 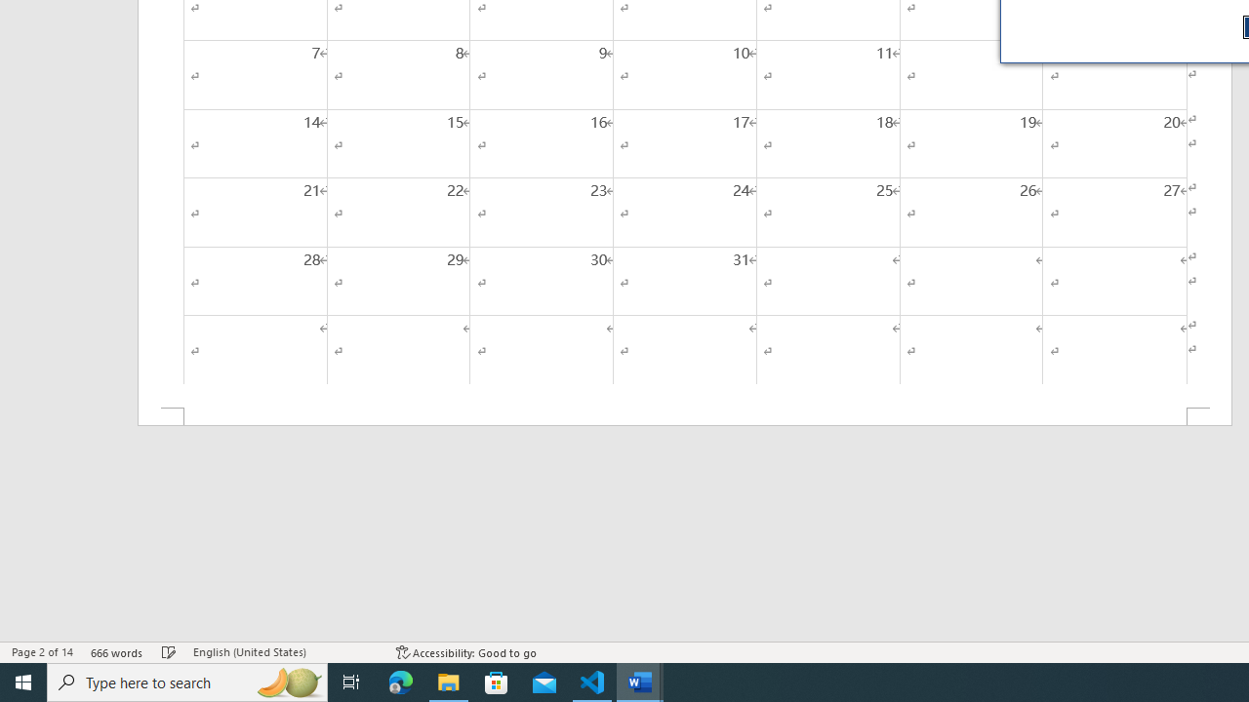 I want to click on 'File Explorer - 1 running window', so click(x=448, y=681).